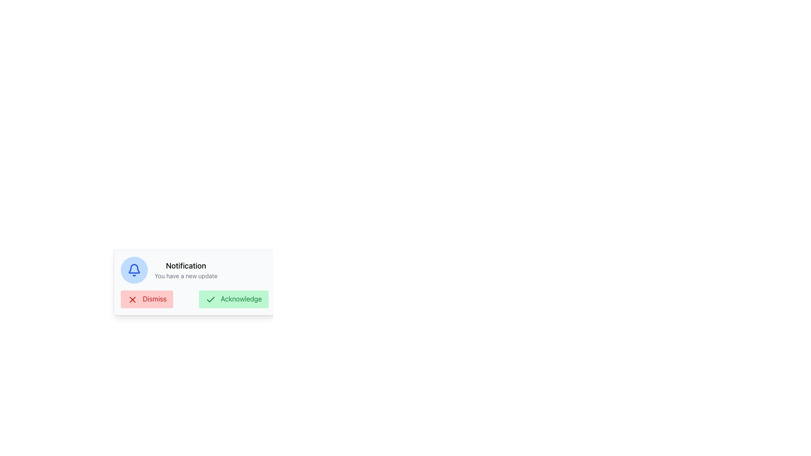 The width and height of the screenshot is (811, 456). What do you see at coordinates (194, 299) in the screenshot?
I see `the 'Acknowledge' button, which is part of a Button Group with a red 'Dismiss' button and a green 'Acknowledge' button, located in the lower region of a notification component` at bounding box center [194, 299].